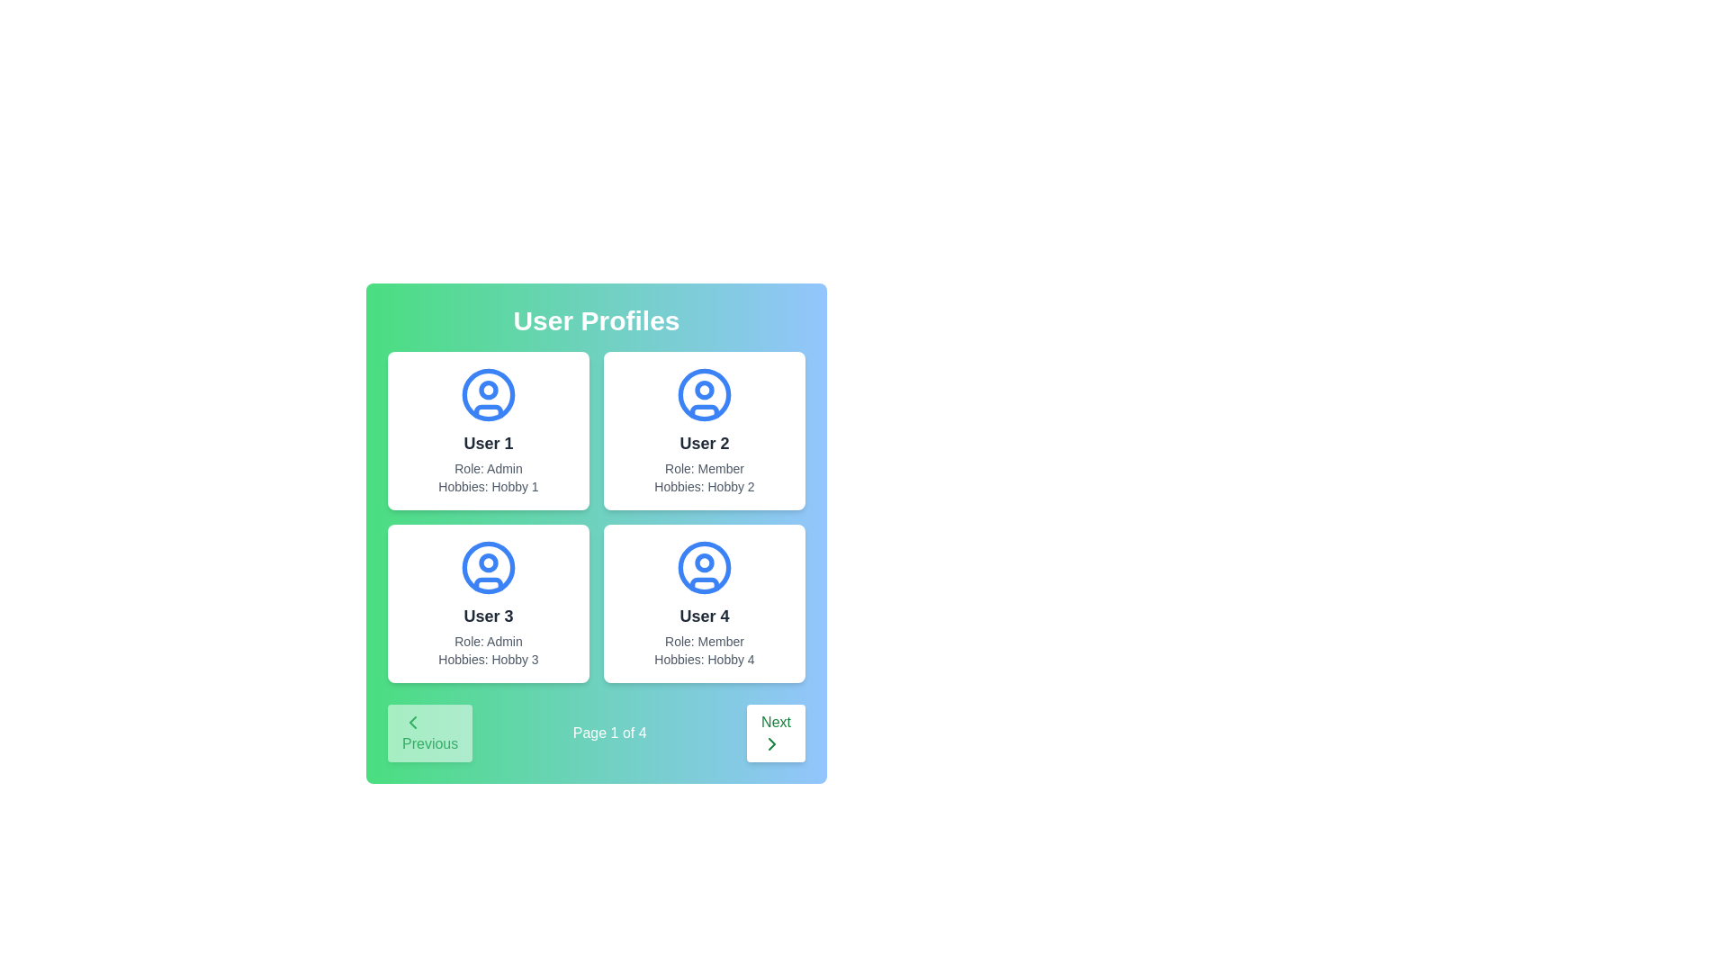  Describe the element at coordinates (488, 568) in the screenshot. I see `the circle element representing the avatar of 'User 3' located in the bottom-left corner of the profile card grid` at that location.